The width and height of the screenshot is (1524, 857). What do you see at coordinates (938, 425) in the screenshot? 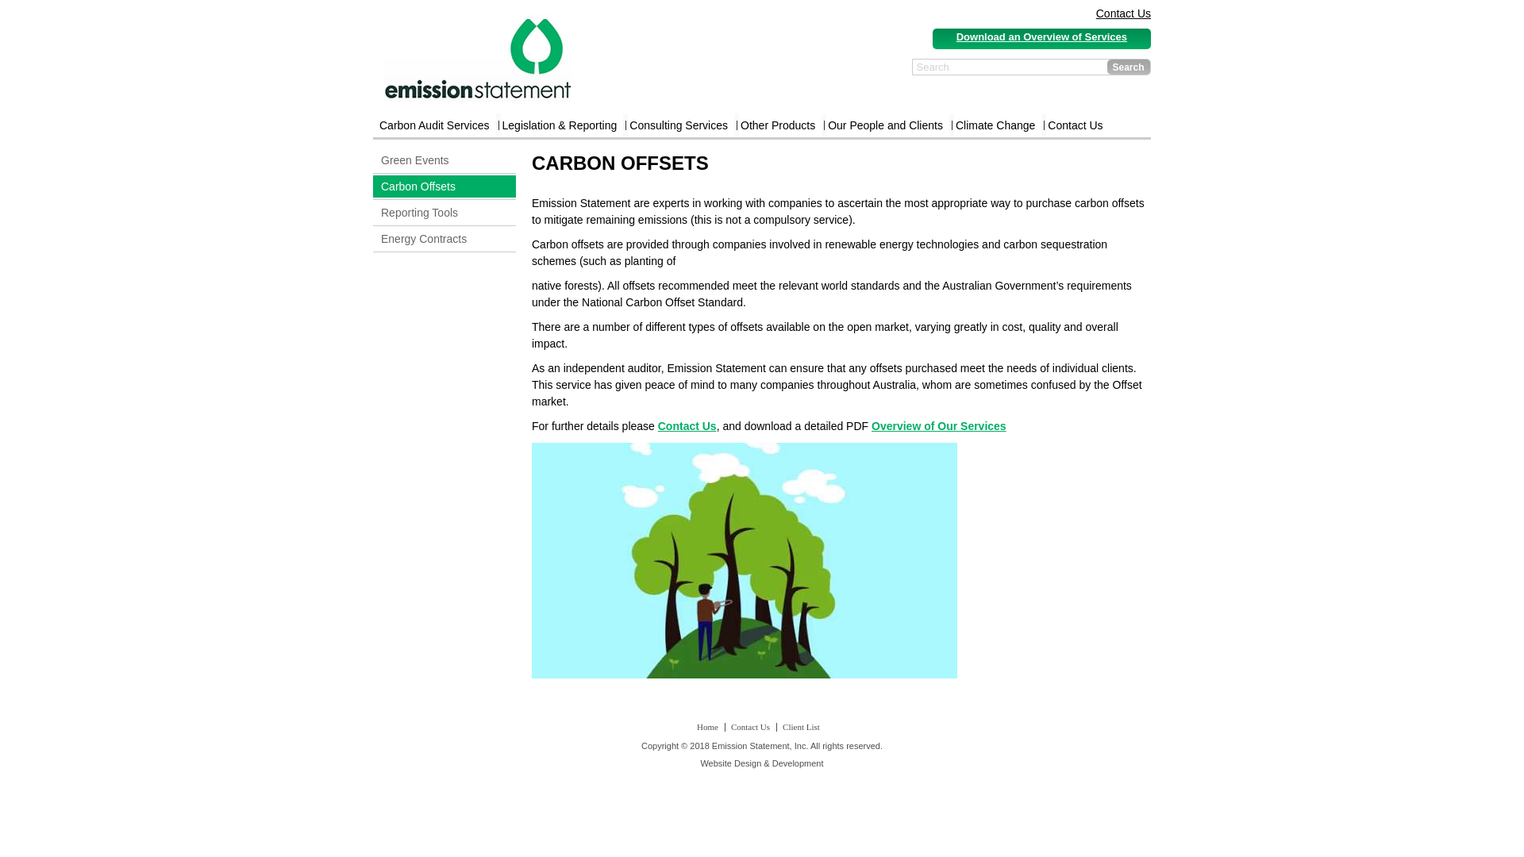
I see `'Overview of Our Services'` at bounding box center [938, 425].